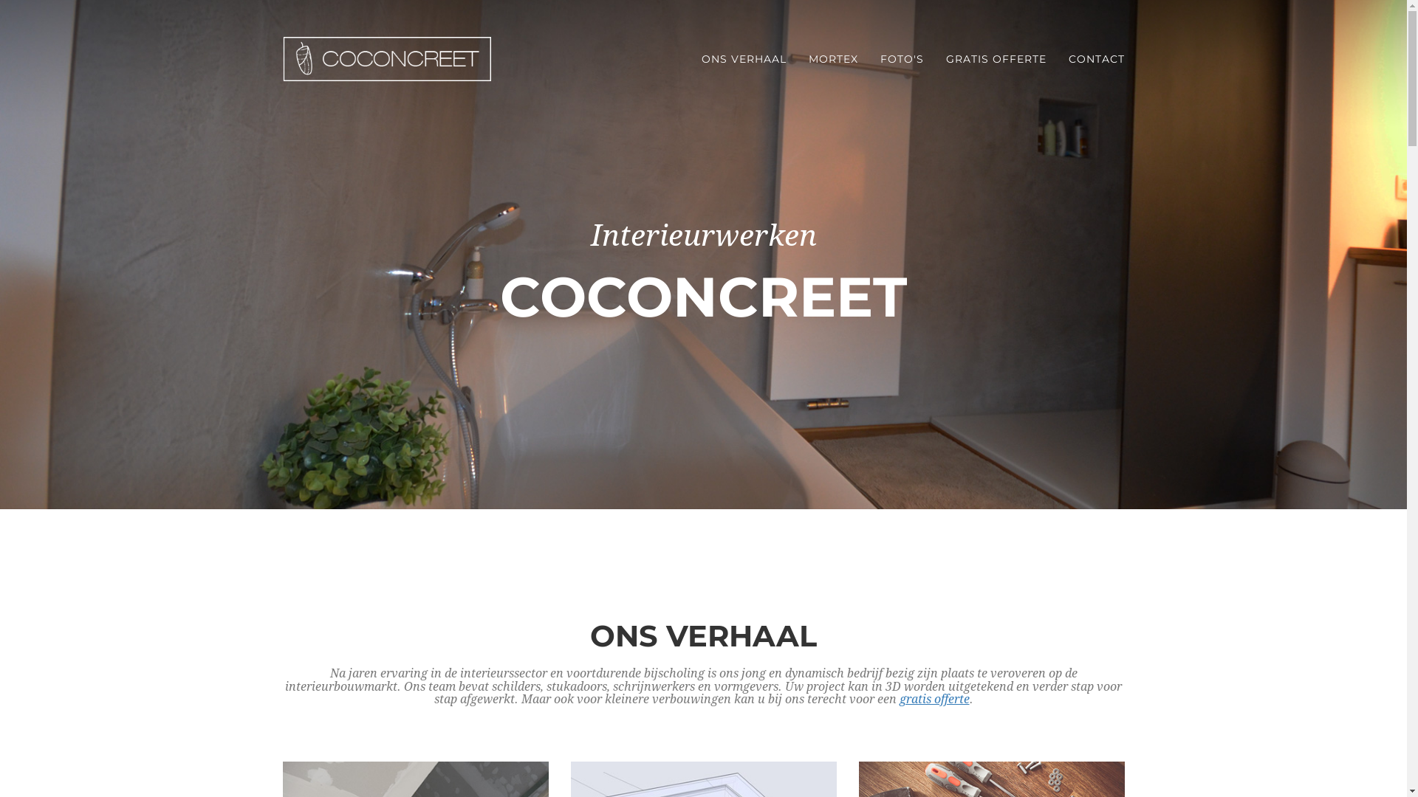 The height and width of the screenshot is (797, 1418). I want to click on 'gratis offerte', so click(934, 698).